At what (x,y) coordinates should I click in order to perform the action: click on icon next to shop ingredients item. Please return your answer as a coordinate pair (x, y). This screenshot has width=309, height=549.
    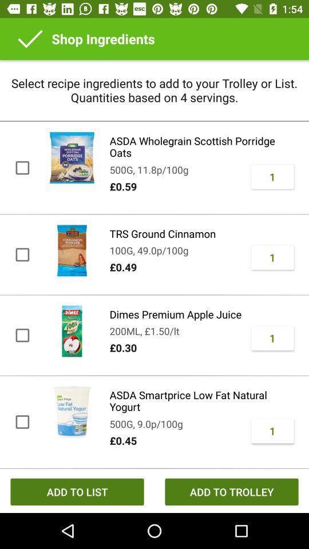
    Looking at the image, I should click on (30, 39).